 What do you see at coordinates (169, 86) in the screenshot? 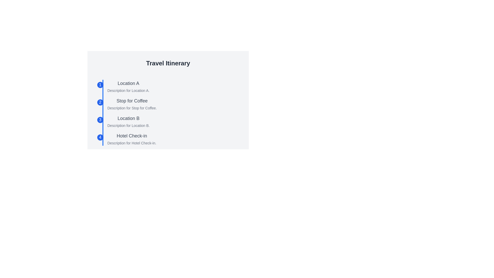
I see `first itinerary step in the travel plan, which is positioned below the title 'Travel Itinerary' and adjacent to a blue circular icon with the number '1'` at bounding box center [169, 86].